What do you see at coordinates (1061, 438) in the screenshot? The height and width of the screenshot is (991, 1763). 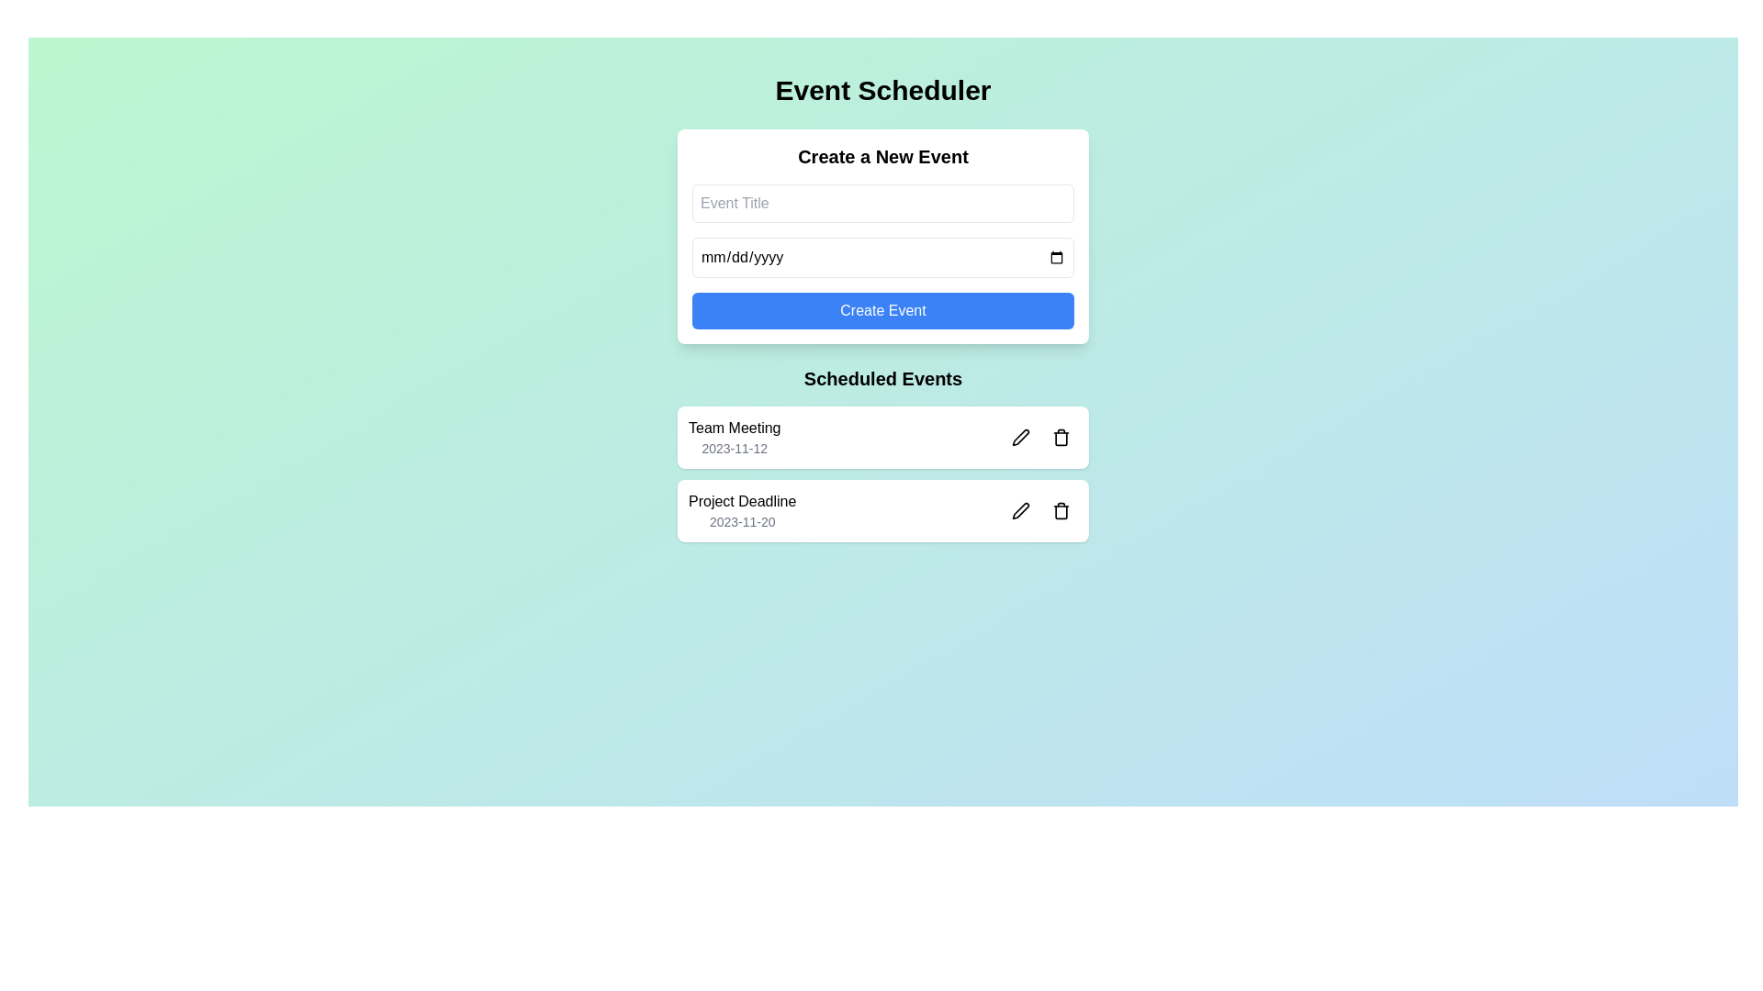 I see `the trash can icon button located to the right of the 'Team Meeting' text in the 'Scheduled Events' section` at bounding box center [1061, 438].